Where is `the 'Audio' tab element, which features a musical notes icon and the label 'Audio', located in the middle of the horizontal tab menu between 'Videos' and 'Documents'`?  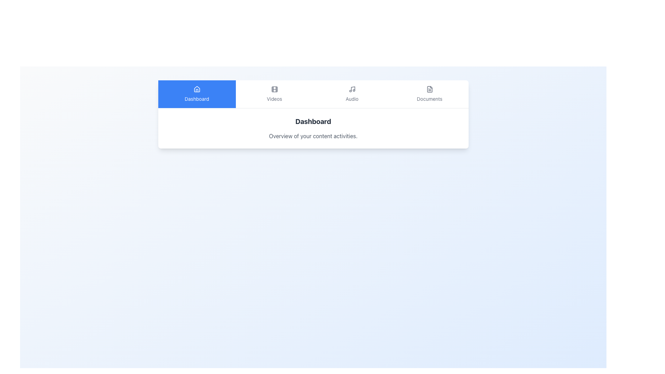
the 'Audio' tab element, which features a musical notes icon and the label 'Audio', located in the middle of the horizontal tab menu between 'Videos' and 'Documents' is located at coordinates (352, 94).